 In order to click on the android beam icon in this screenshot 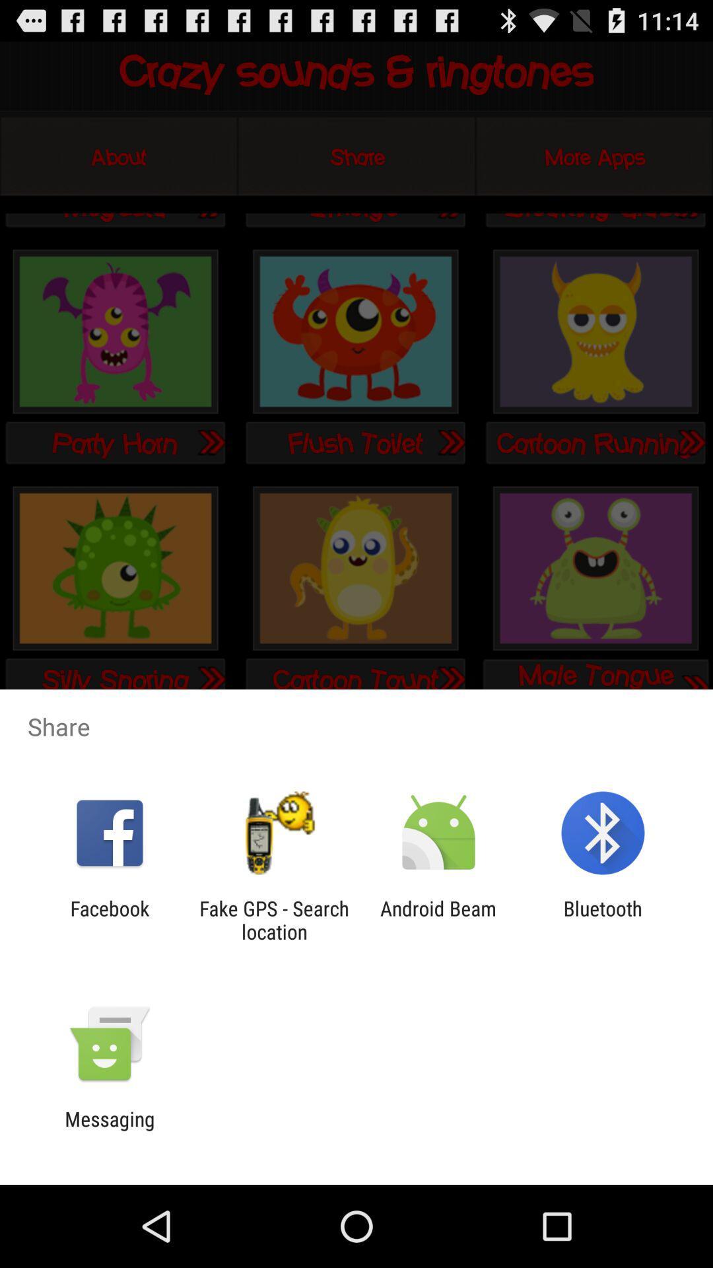, I will do `click(438, 919)`.